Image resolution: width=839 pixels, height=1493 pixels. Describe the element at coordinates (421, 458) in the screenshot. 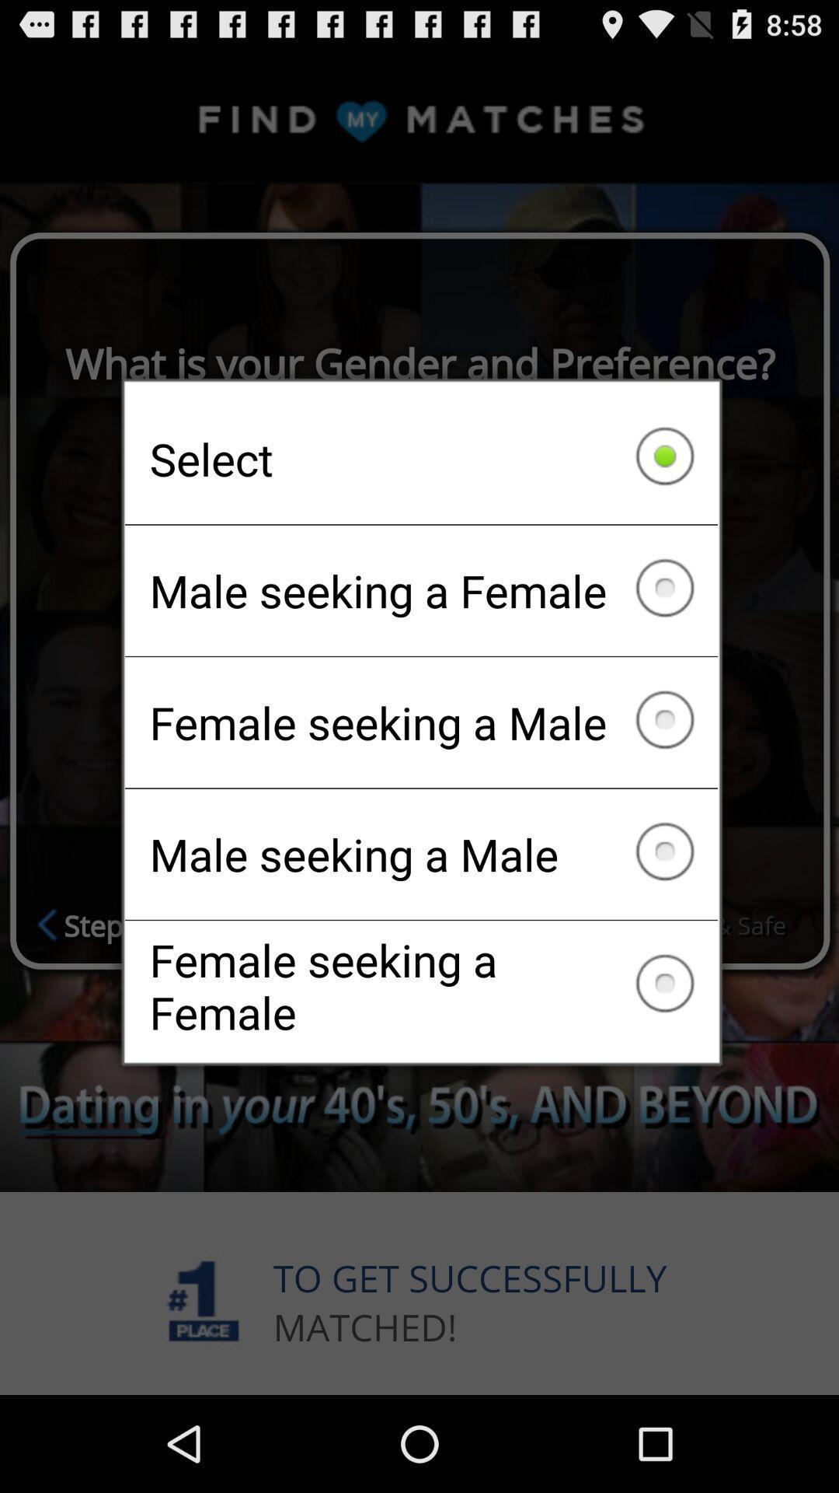

I see `the checkbox above the male seeking a icon` at that location.